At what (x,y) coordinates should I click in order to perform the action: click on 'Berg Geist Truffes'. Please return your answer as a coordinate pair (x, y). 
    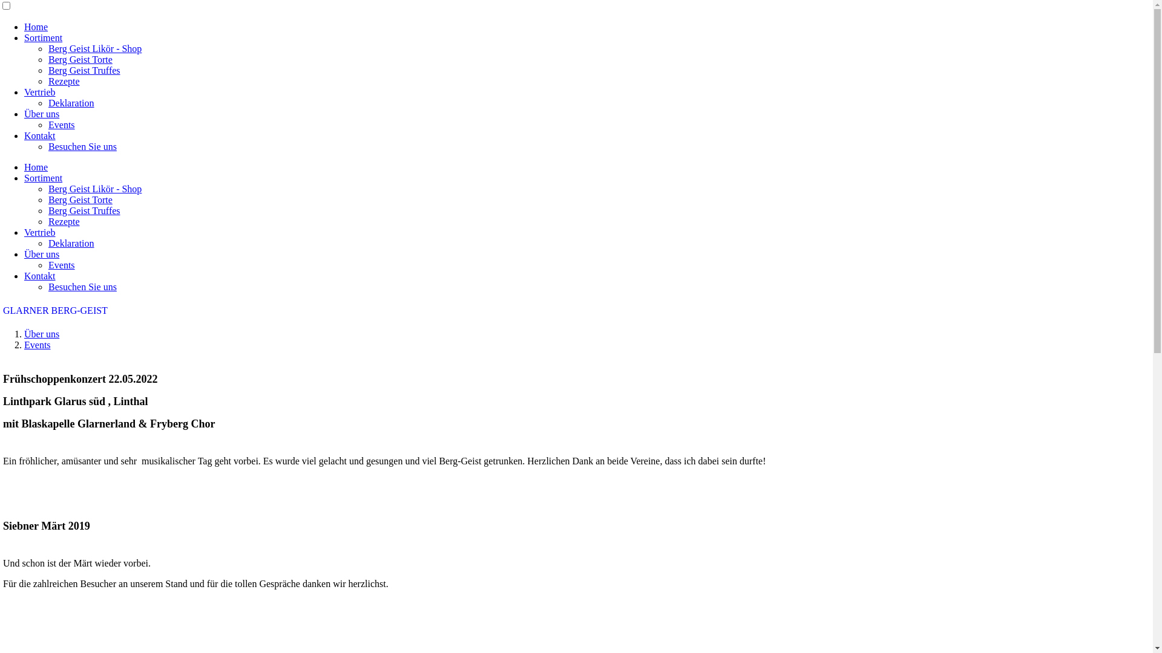
    Looking at the image, I should click on (84, 70).